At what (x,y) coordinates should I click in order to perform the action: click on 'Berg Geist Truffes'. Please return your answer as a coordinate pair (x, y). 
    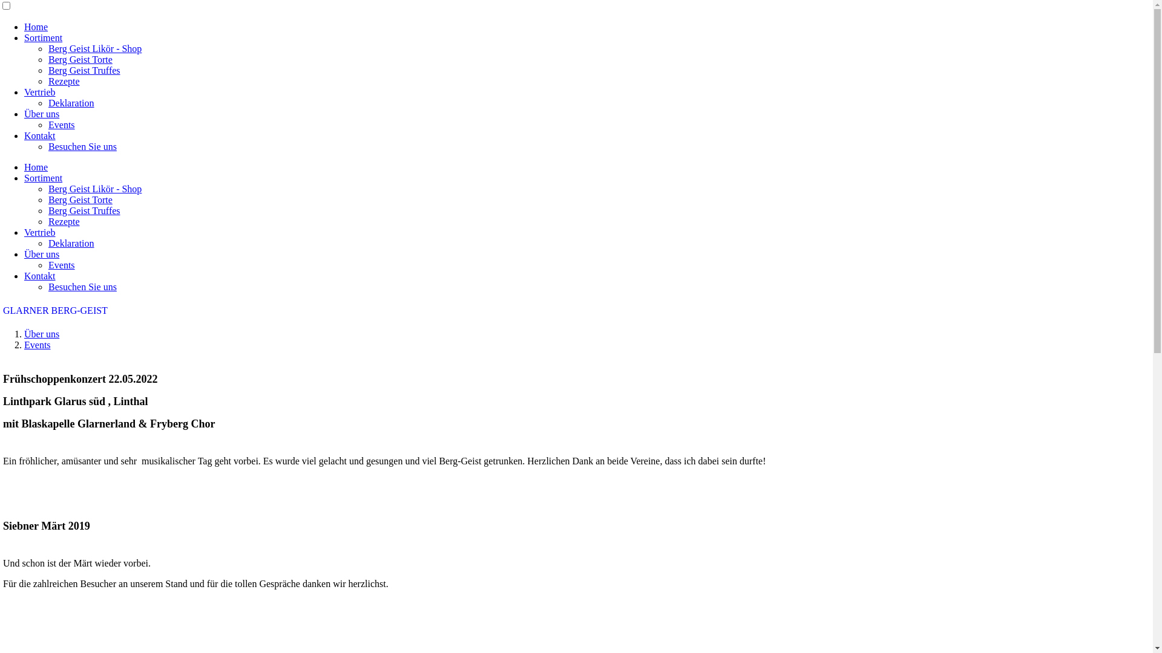
    Looking at the image, I should click on (84, 70).